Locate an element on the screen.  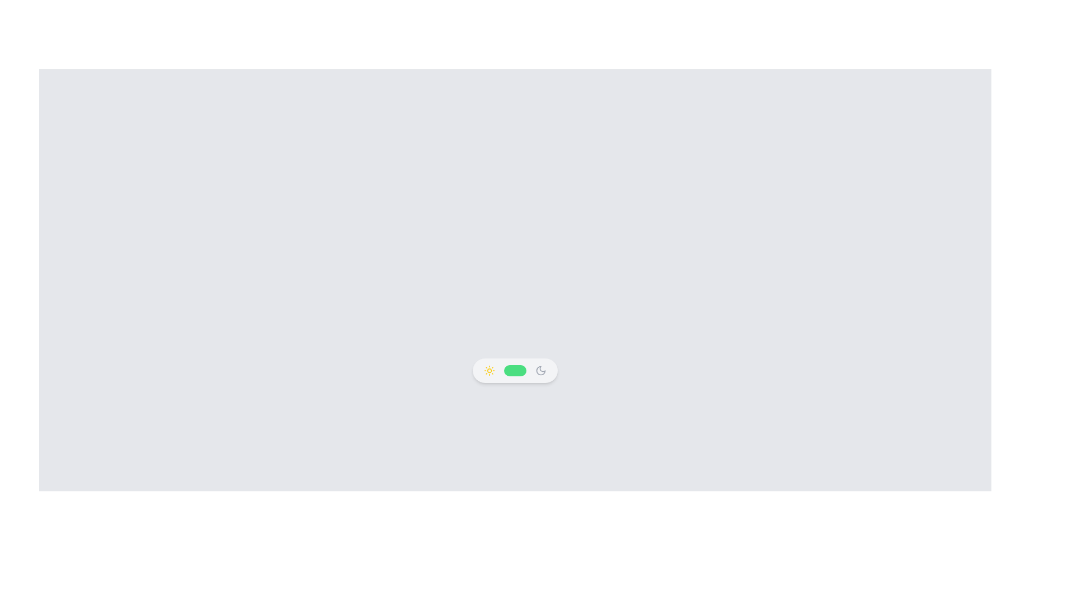
the moon icon located at the far right of the group of three elements is located at coordinates (541, 370).